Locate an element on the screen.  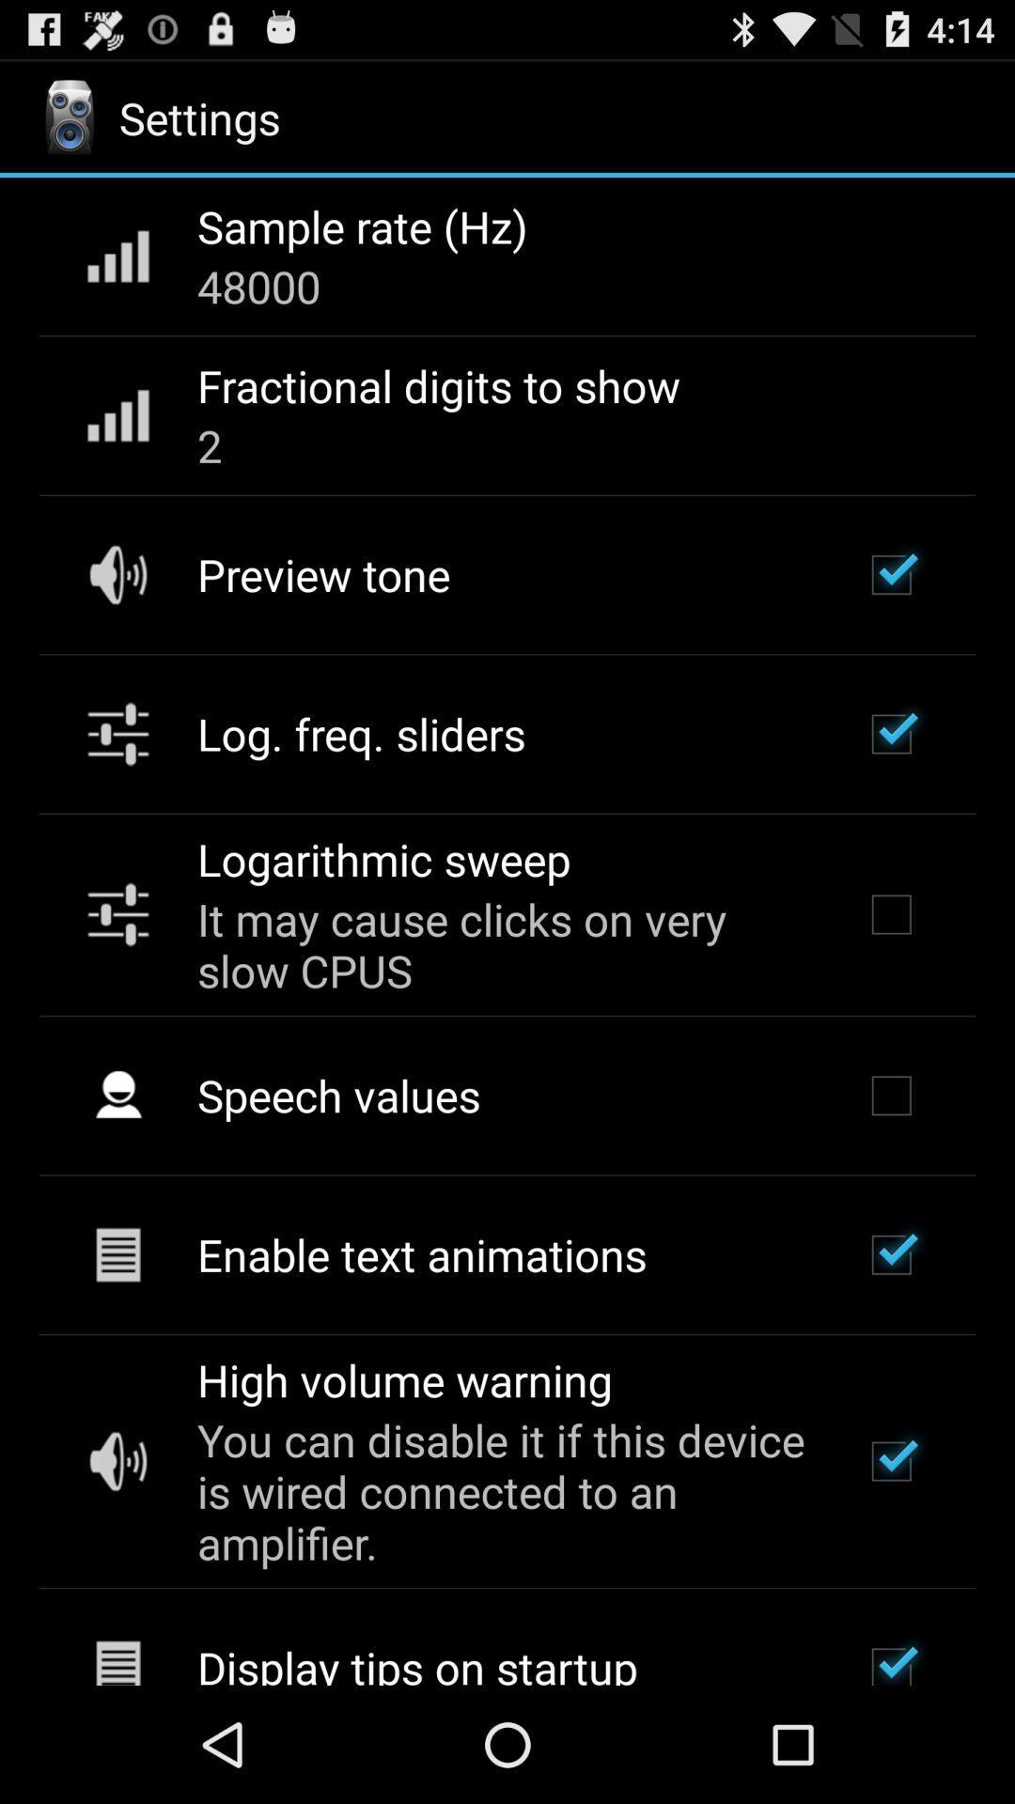
item above you can disable icon is located at coordinates (403, 1379).